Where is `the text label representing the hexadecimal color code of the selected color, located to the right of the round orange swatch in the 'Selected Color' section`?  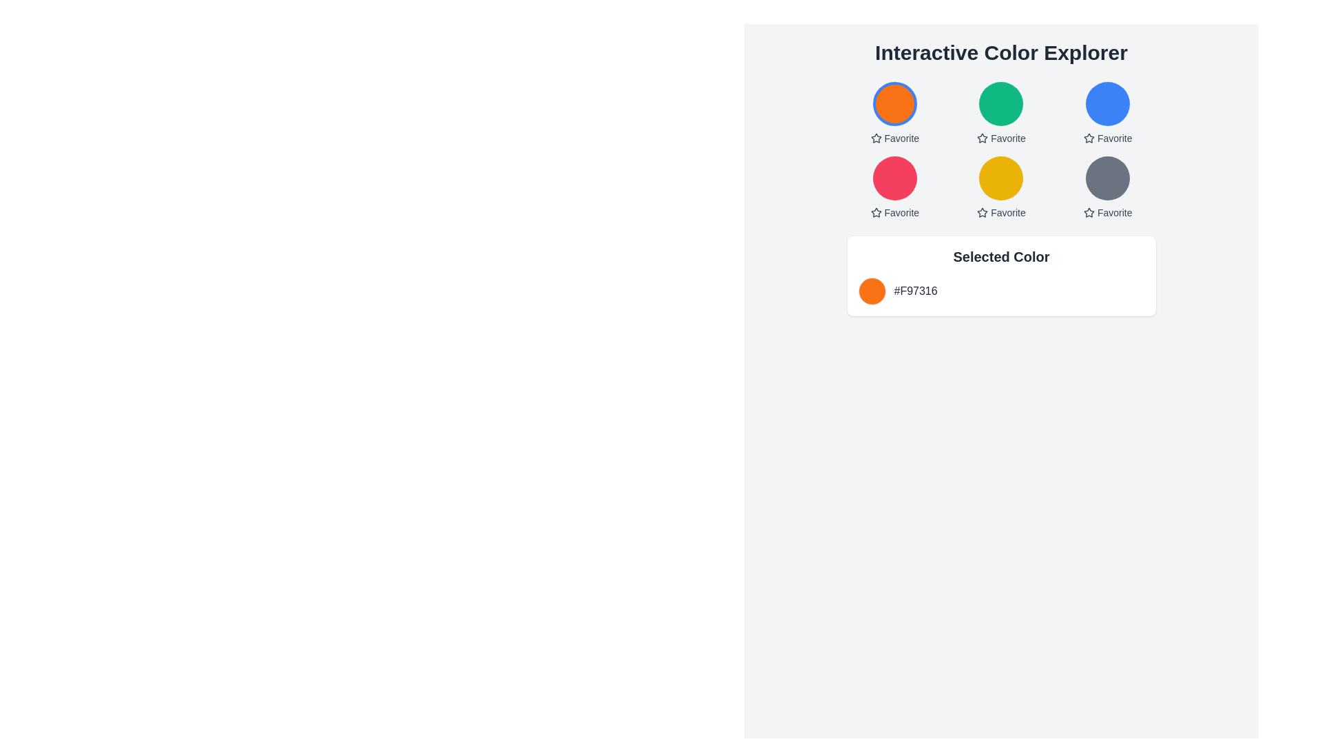
the text label representing the hexadecimal color code of the selected color, located to the right of the round orange swatch in the 'Selected Color' section is located at coordinates (916, 291).